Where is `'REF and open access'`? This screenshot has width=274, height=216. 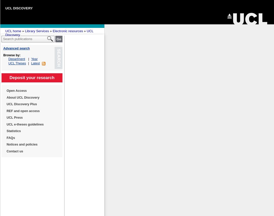 'REF and open access' is located at coordinates (23, 110).